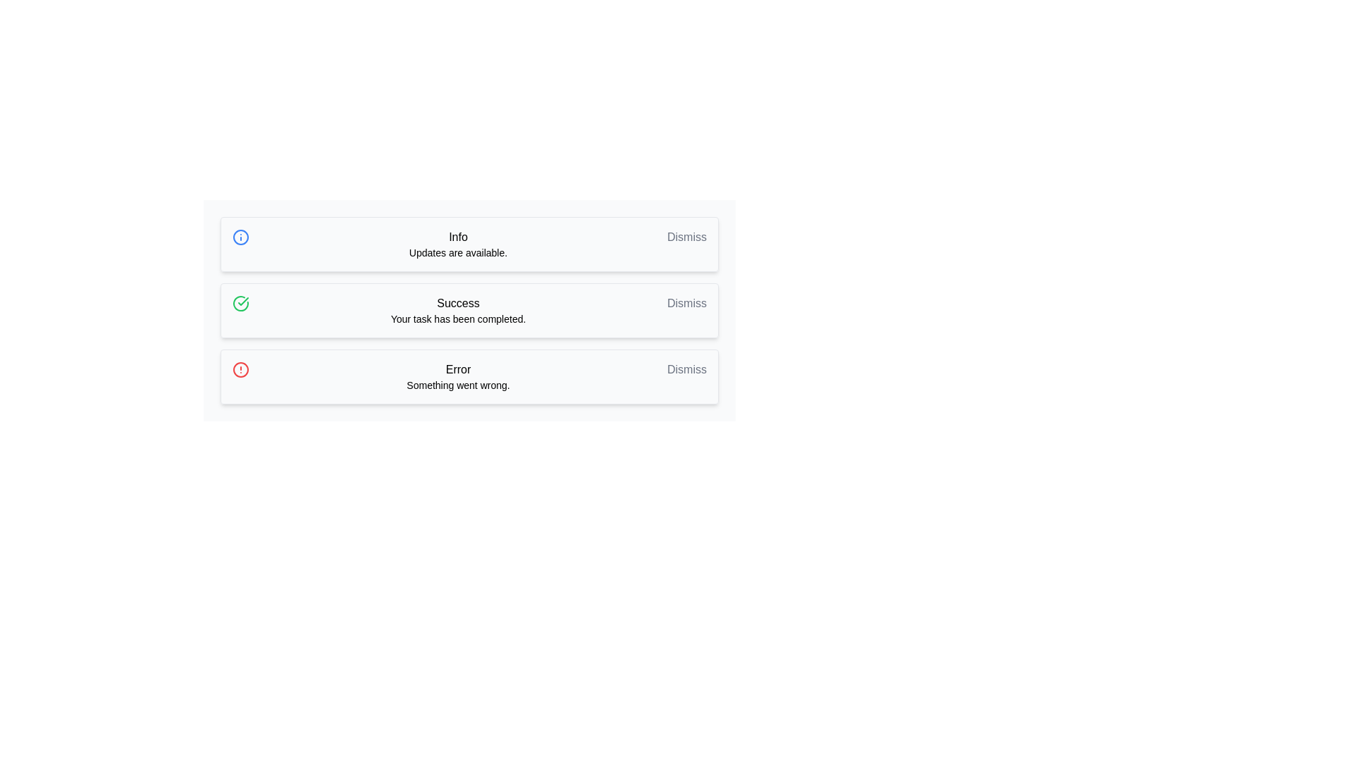 The width and height of the screenshot is (1353, 761). Describe the element at coordinates (458, 236) in the screenshot. I see `the text label that serves as a section header, which is located at the top of the interface within the info notification, preceding the text 'Updates are available.'` at that location.